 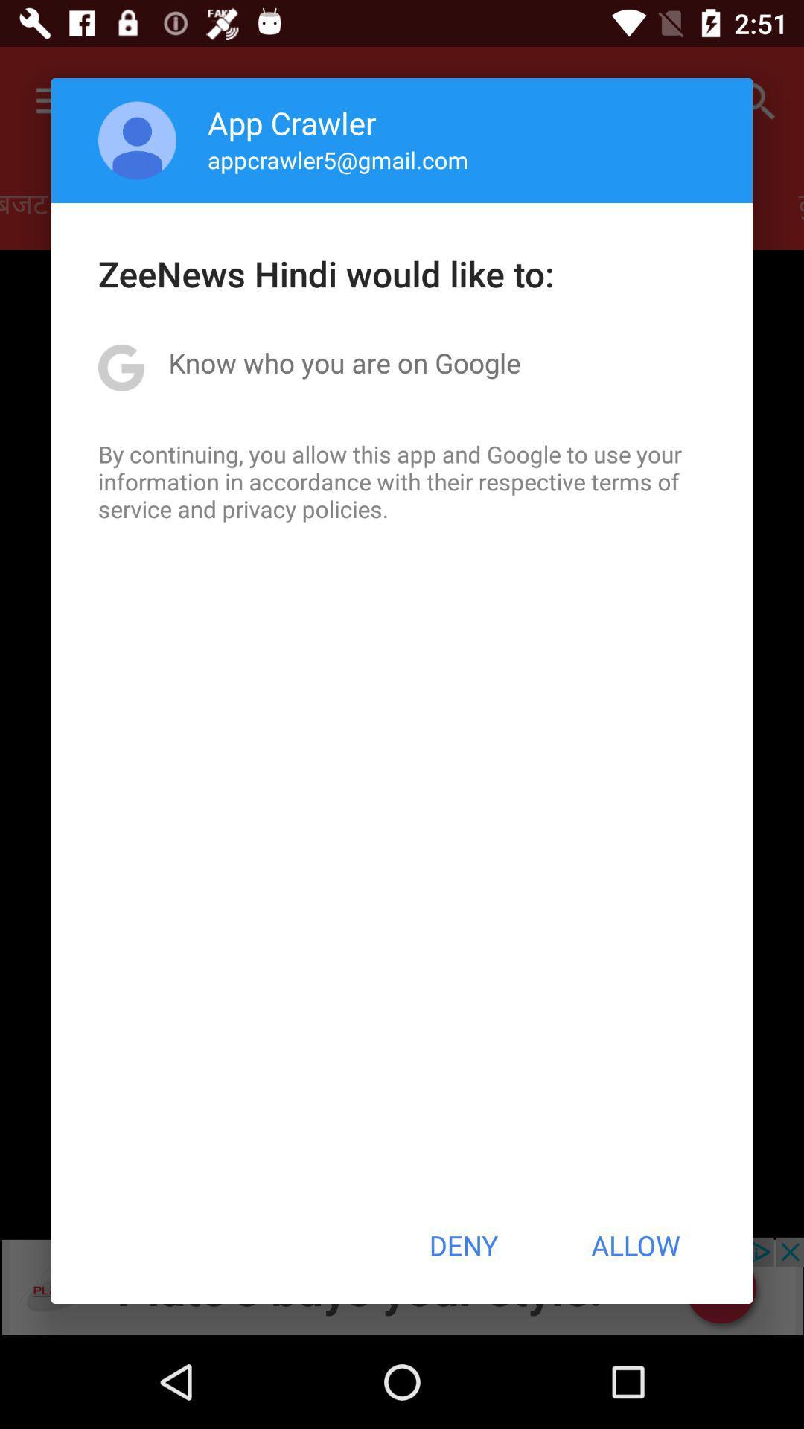 What do you see at coordinates (345, 362) in the screenshot?
I see `the item below the zeenews hindi would app` at bounding box center [345, 362].